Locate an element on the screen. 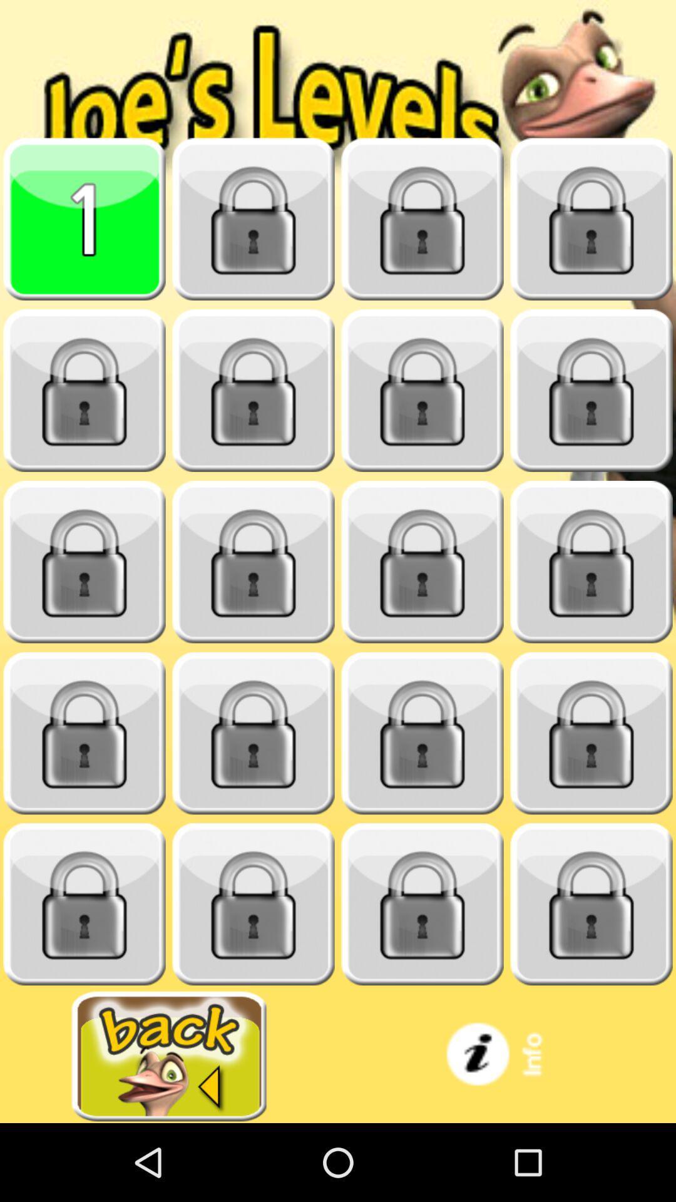 The height and width of the screenshot is (1202, 676). locked item is located at coordinates (422, 390).